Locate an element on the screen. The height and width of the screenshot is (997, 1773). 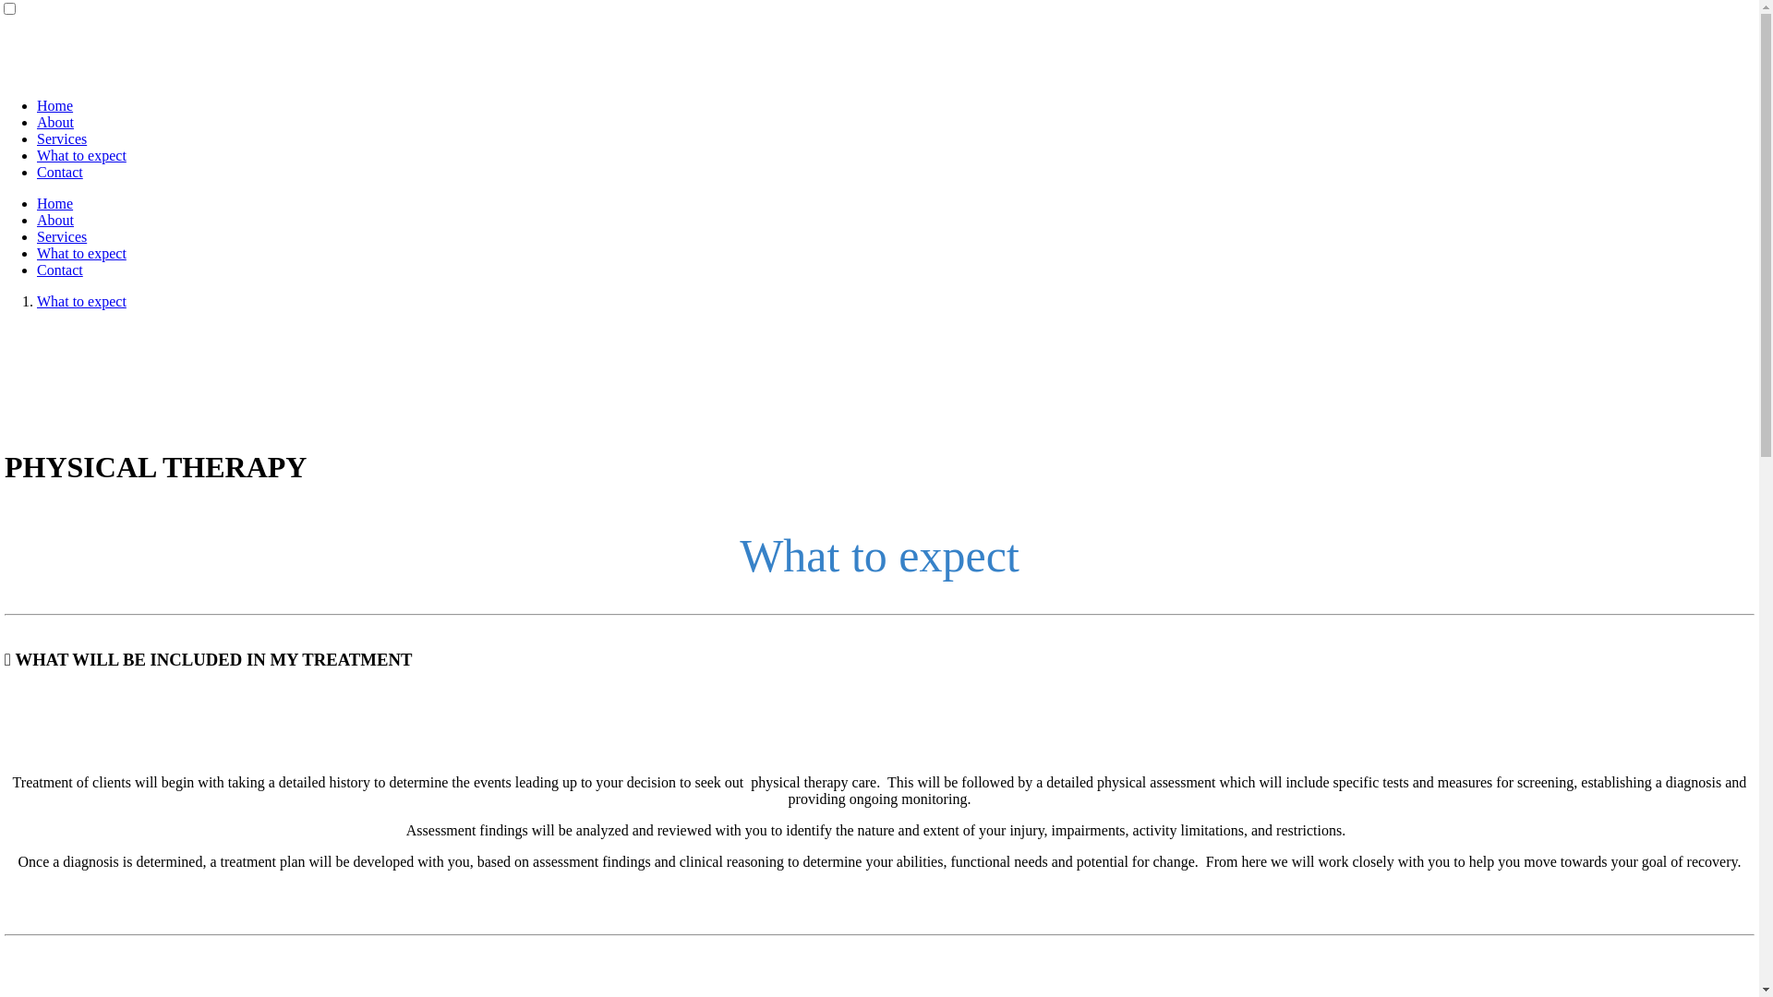
'Services' is located at coordinates (36, 138).